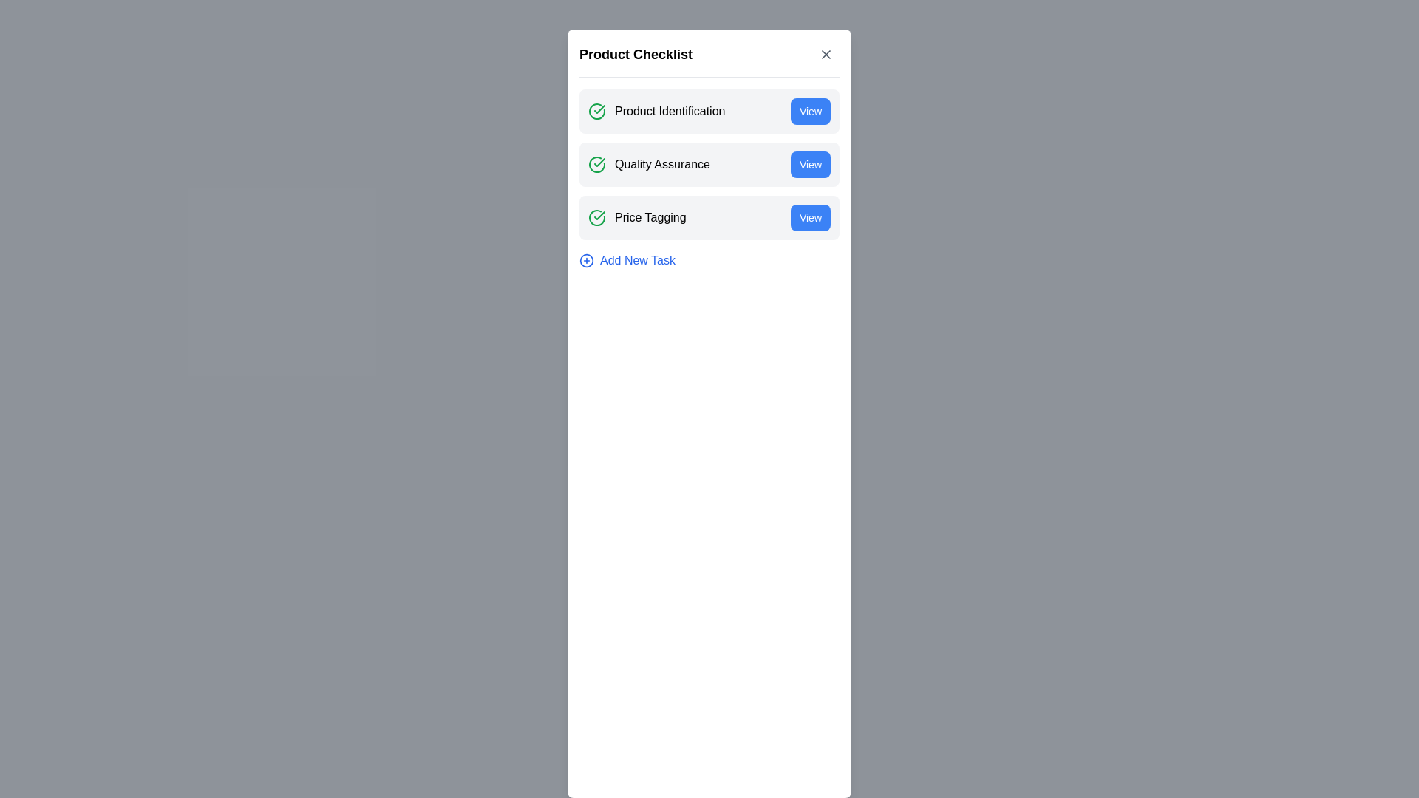 The width and height of the screenshot is (1419, 798). What do you see at coordinates (809, 110) in the screenshot?
I see `the 'View' button located to the right of the 'Product Identification' text` at bounding box center [809, 110].